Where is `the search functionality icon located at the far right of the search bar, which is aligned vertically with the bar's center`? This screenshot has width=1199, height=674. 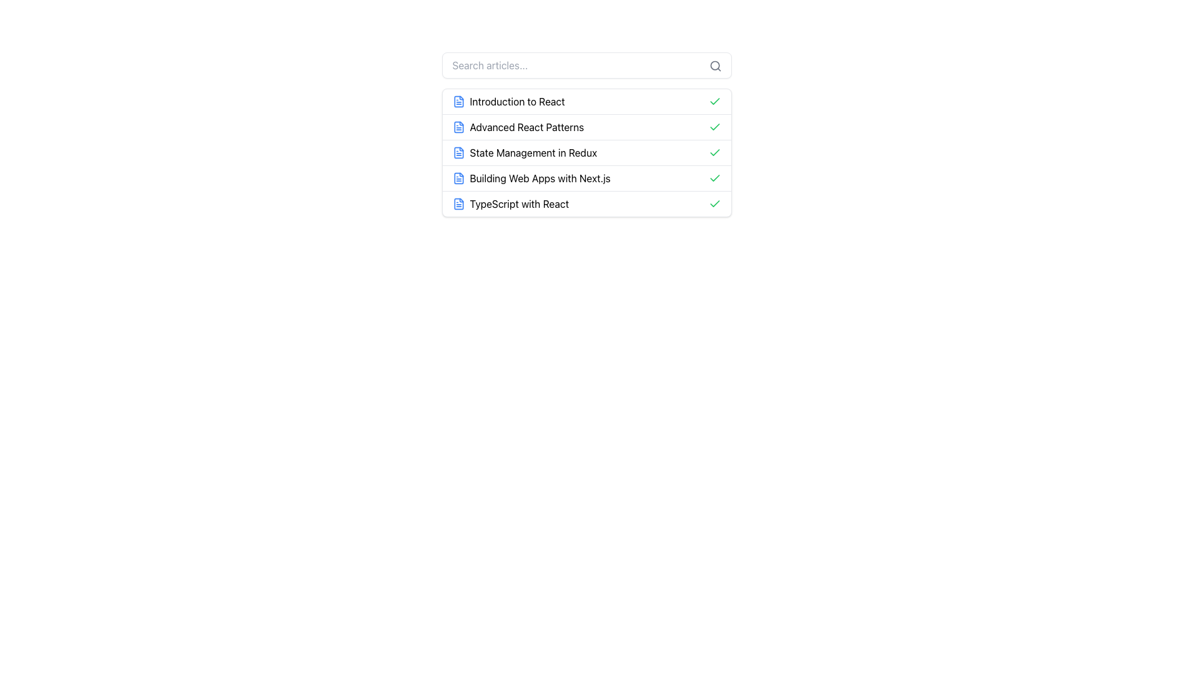
the search functionality icon located at the far right of the search bar, which is aligned vertically with the bar's center is located at coordinates (715, 66).